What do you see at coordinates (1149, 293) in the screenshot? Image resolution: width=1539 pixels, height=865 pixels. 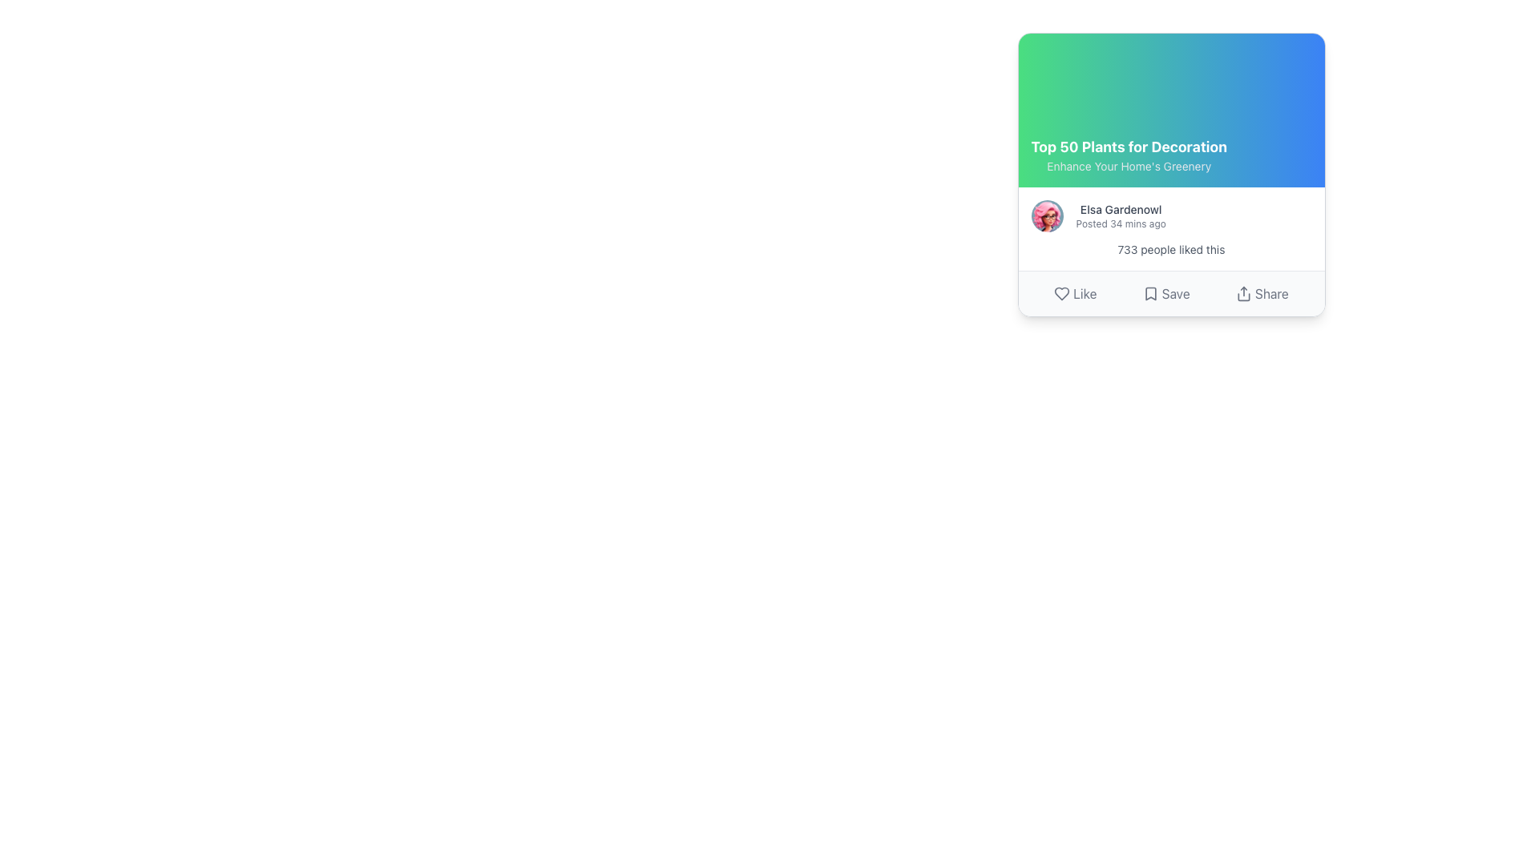 I see `the gray bookmark icon located to the left of the 'Save' text label in the bottom central area of the content card` at bounding box center [1149, 293].